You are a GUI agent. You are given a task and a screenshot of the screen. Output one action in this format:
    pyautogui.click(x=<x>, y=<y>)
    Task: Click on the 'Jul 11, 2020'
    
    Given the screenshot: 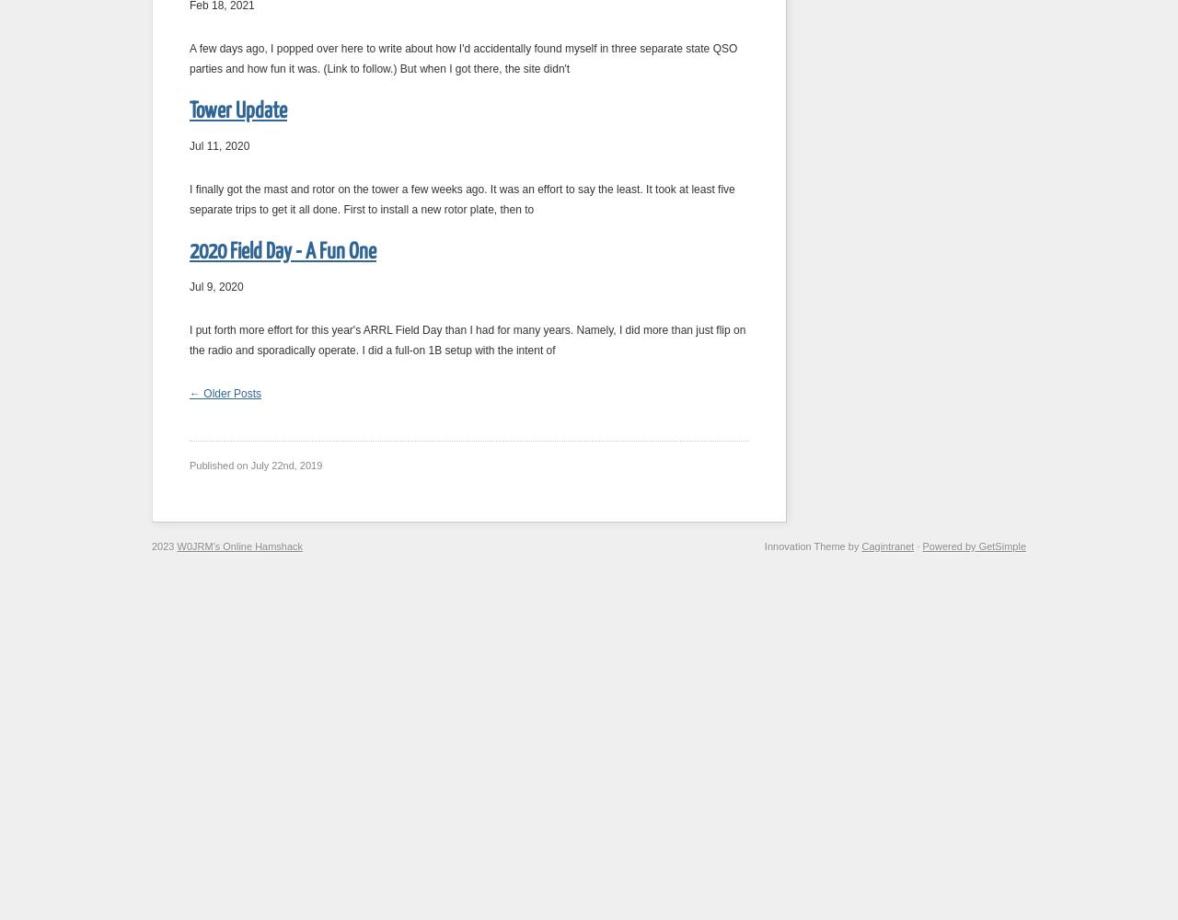 What is the action you would take?
    pyautogui.click(x=219, y=146)
    